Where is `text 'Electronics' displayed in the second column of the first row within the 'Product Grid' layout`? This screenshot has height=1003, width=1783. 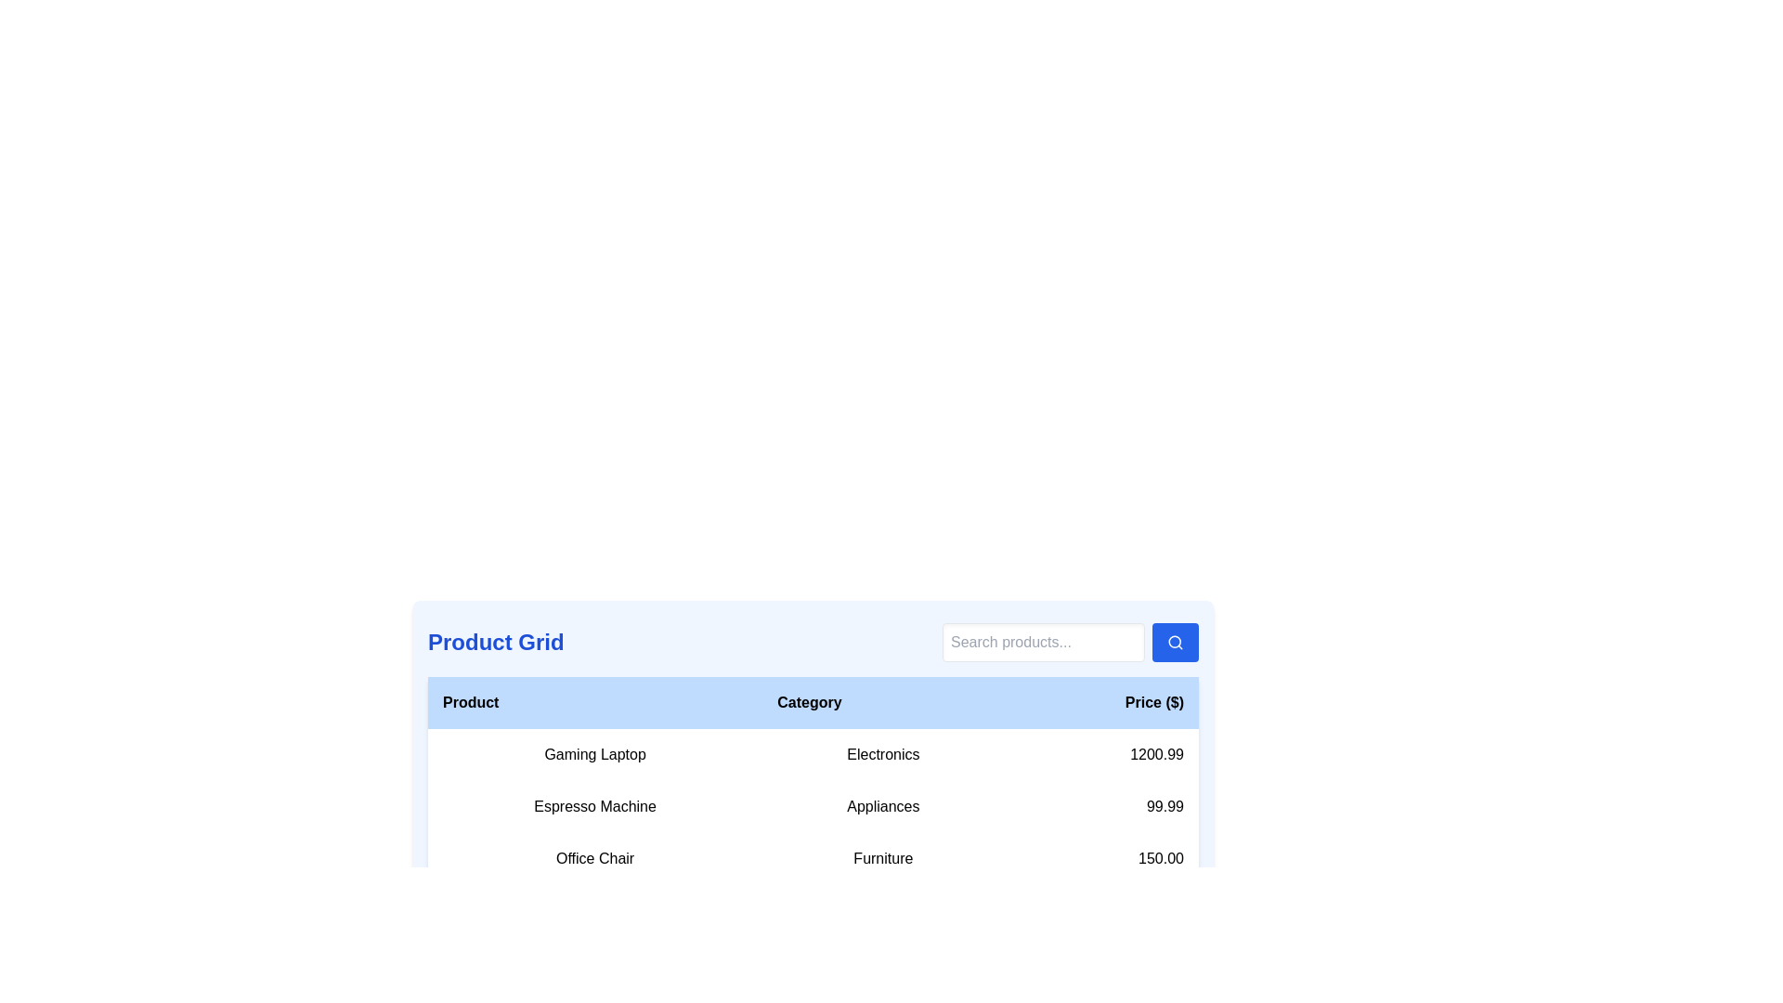 text 'Electronics' displayed in the second column of the first row within the 'Product Grid' layout is located at coordinates (882, 755).